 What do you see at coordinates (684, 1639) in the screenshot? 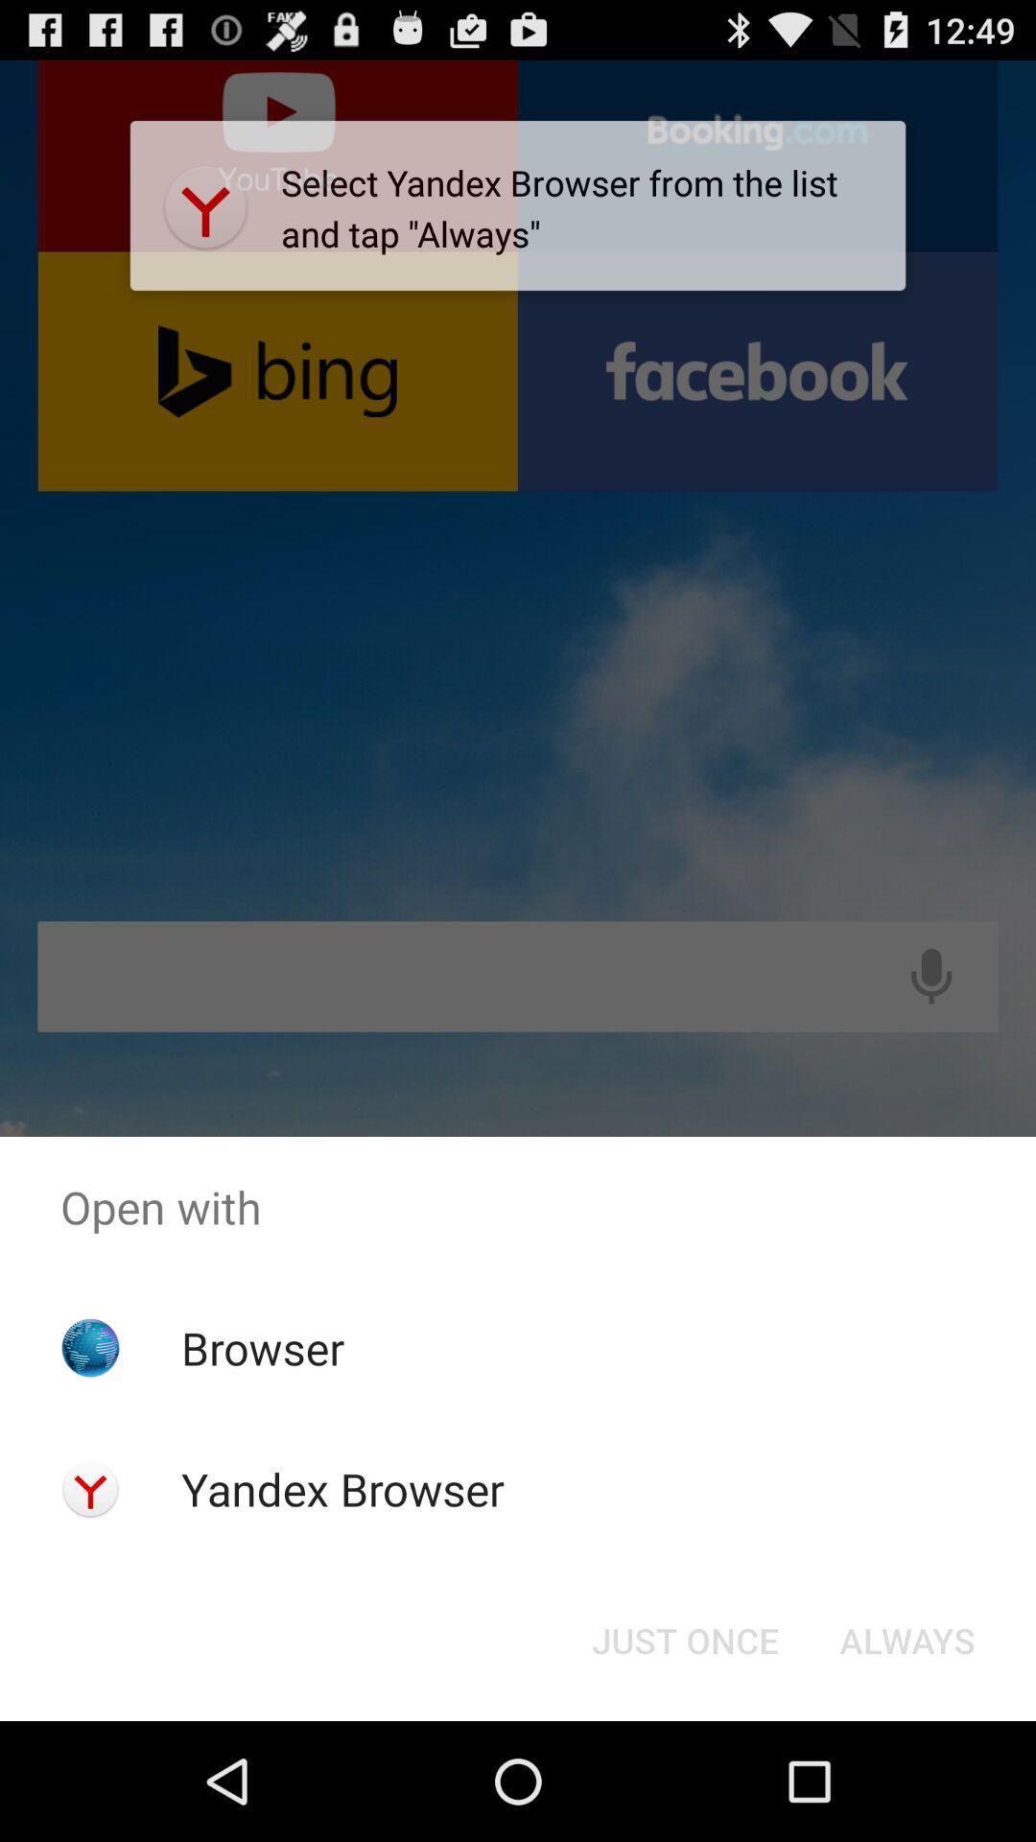
I see `the just once icon` at bounding box center [684, 1639].